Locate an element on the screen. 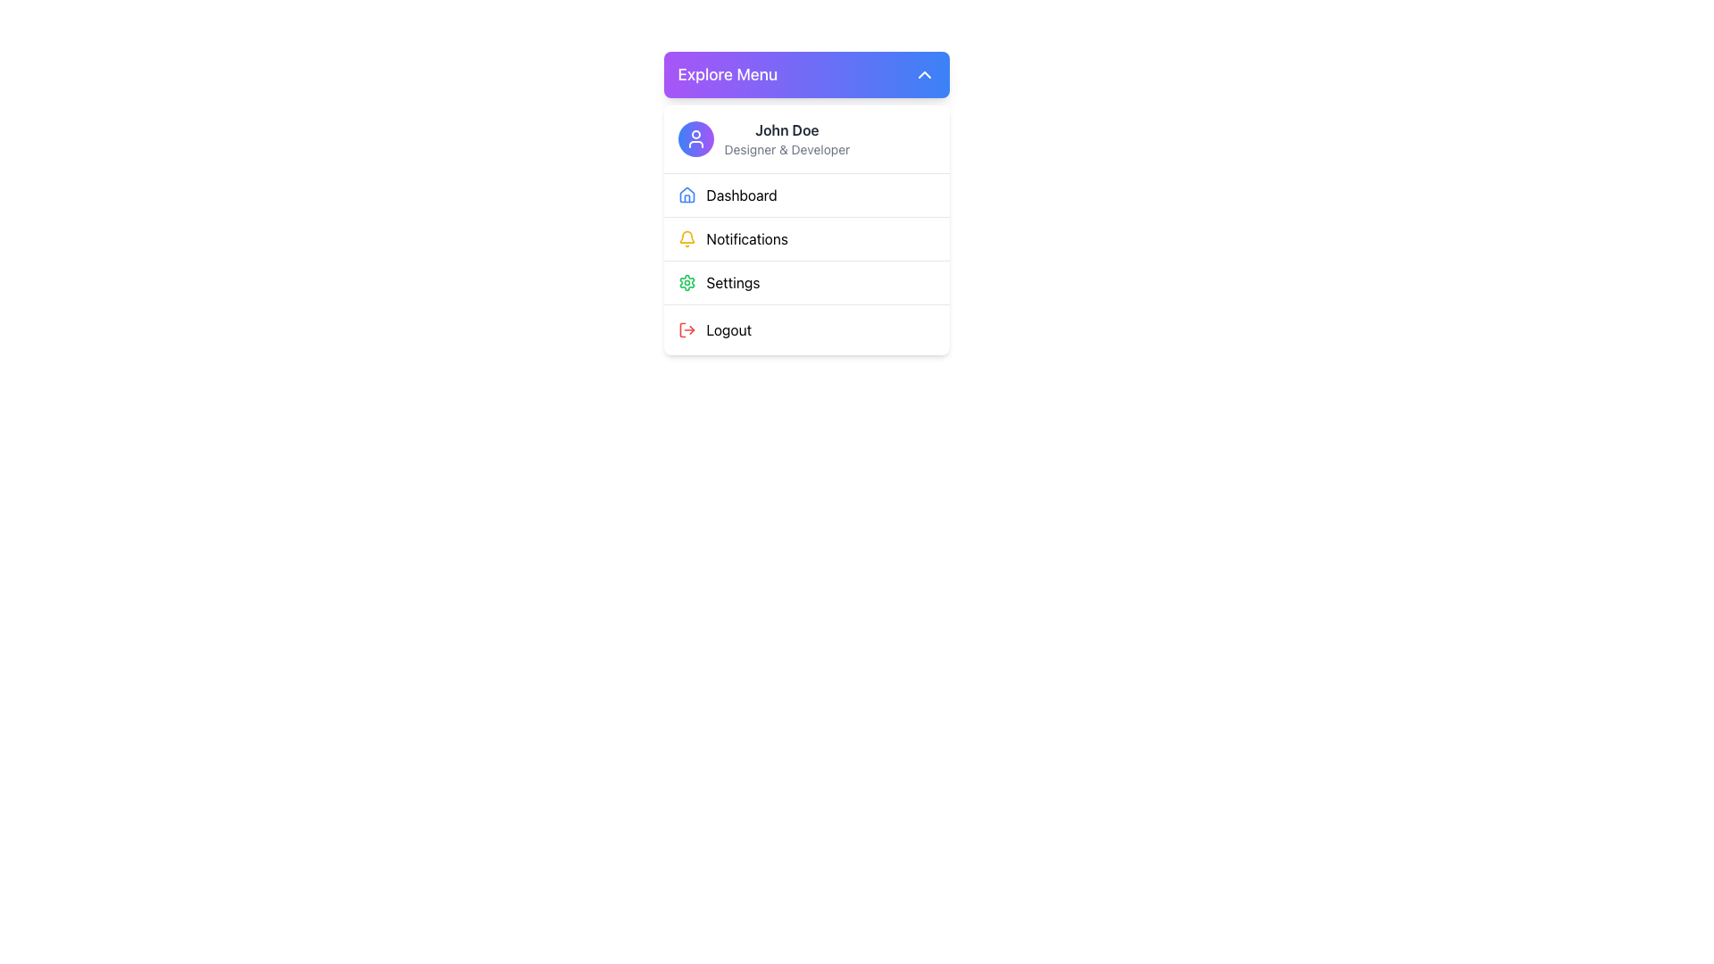  the house-shaped 'Dashboard' icon in the vertical menu to visually represent the navigation option is located at coordinates (686, 195).